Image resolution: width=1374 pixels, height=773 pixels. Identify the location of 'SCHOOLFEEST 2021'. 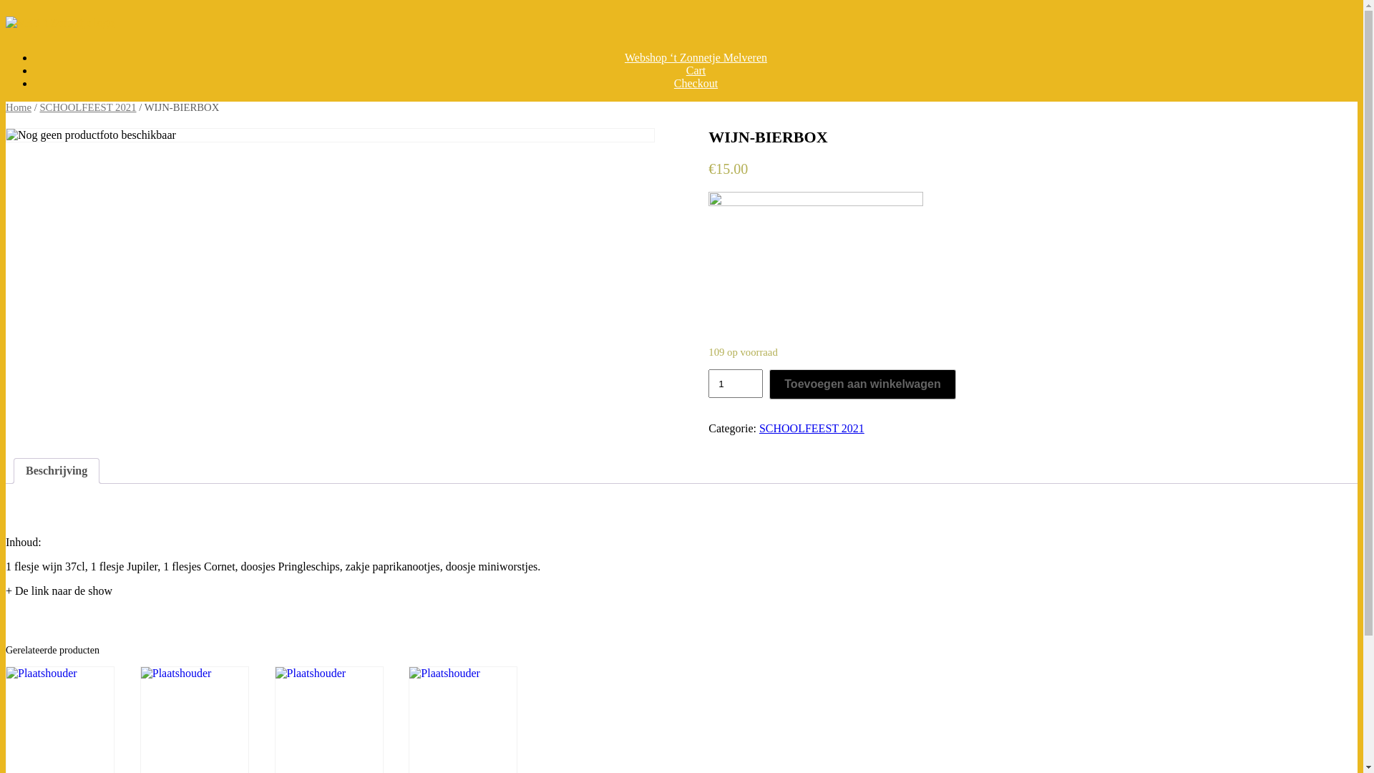
(87, 107).